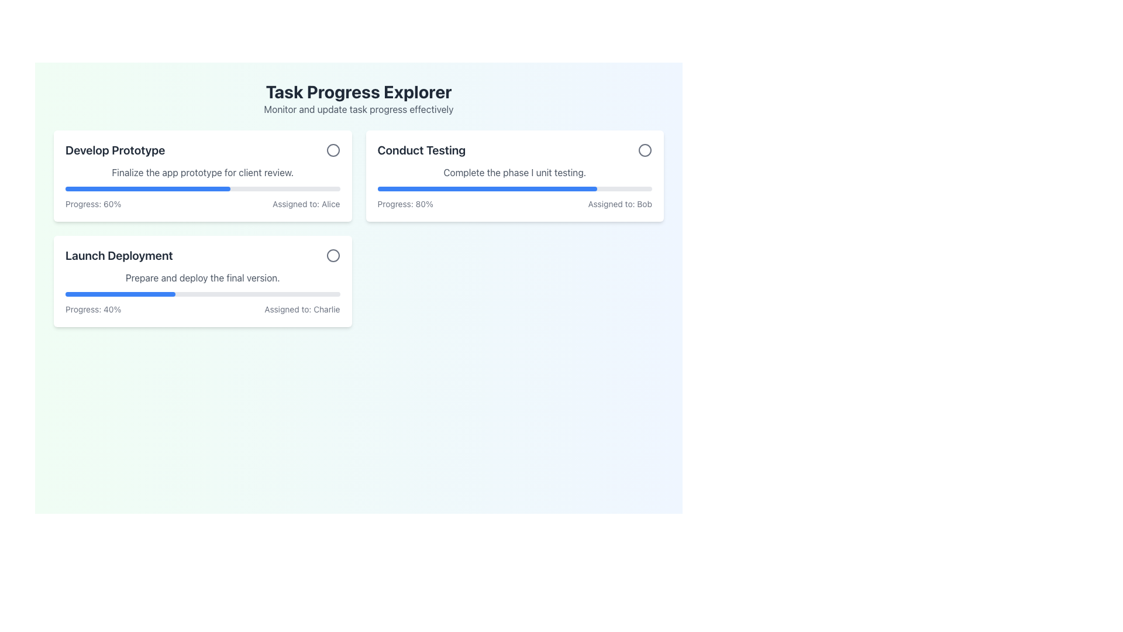  I want to click on text from the Text Label displaying 'Progress: 80%' located in the bottom-left corner of the 'Conduct Testing' task panel, positioned to the left of 'Assigned to: Bob', so click(405, 203).